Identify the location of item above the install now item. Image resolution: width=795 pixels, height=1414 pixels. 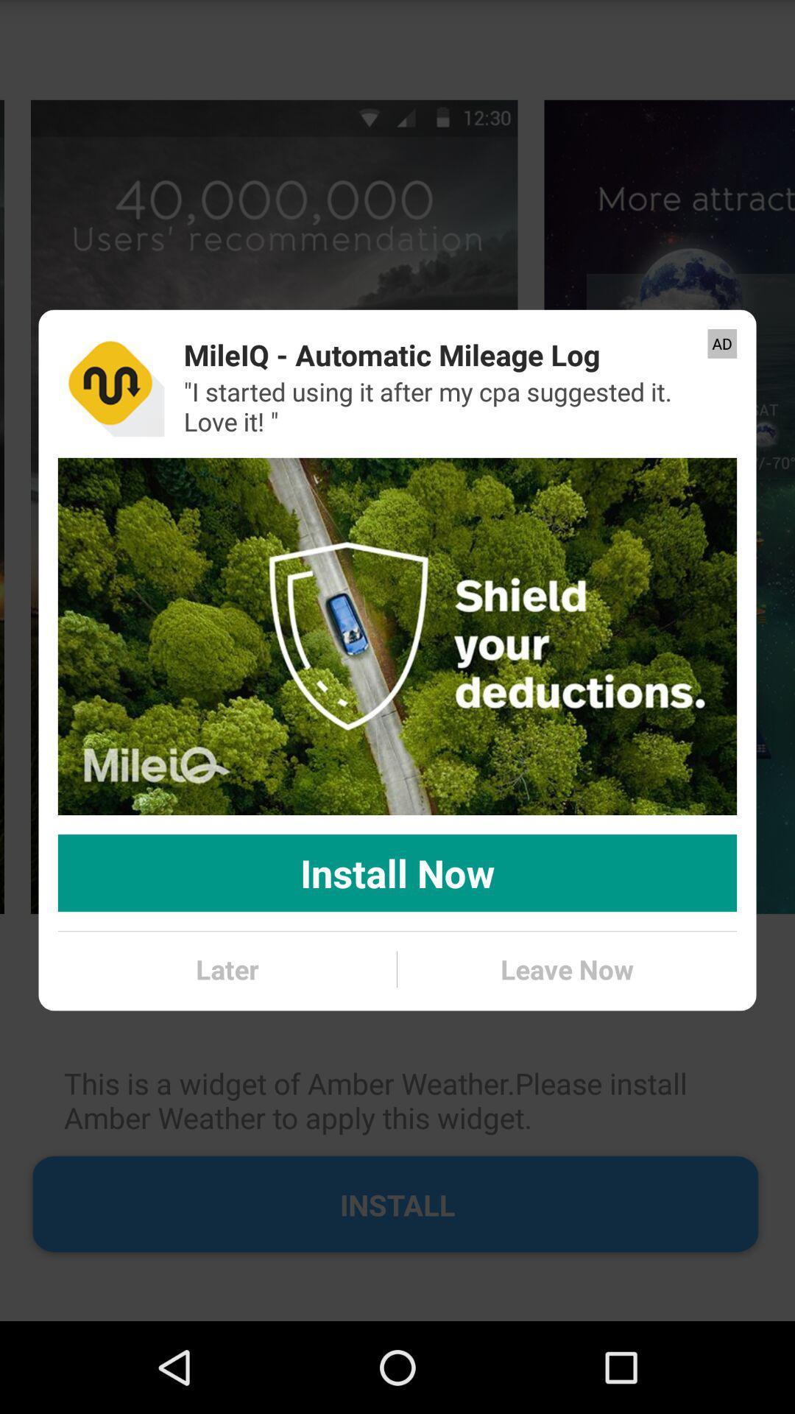
(397, 636).